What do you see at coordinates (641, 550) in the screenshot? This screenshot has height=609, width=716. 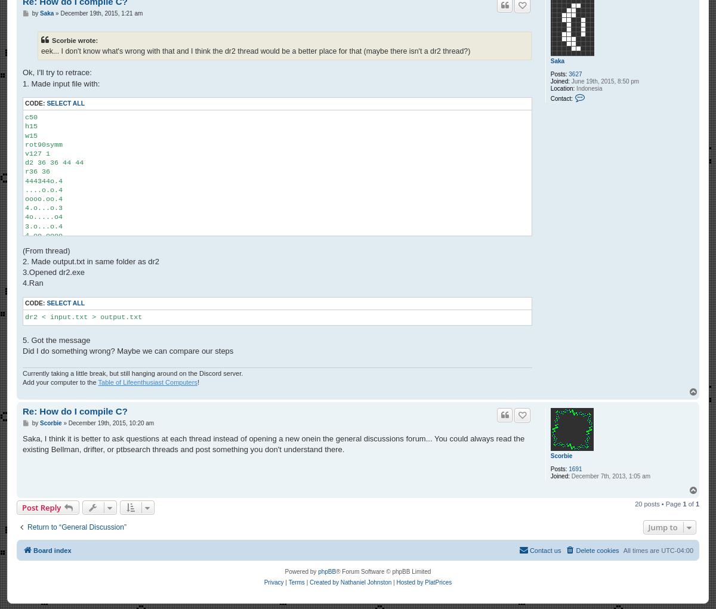 I see `'All times are'` at bounding box center [641, 550].